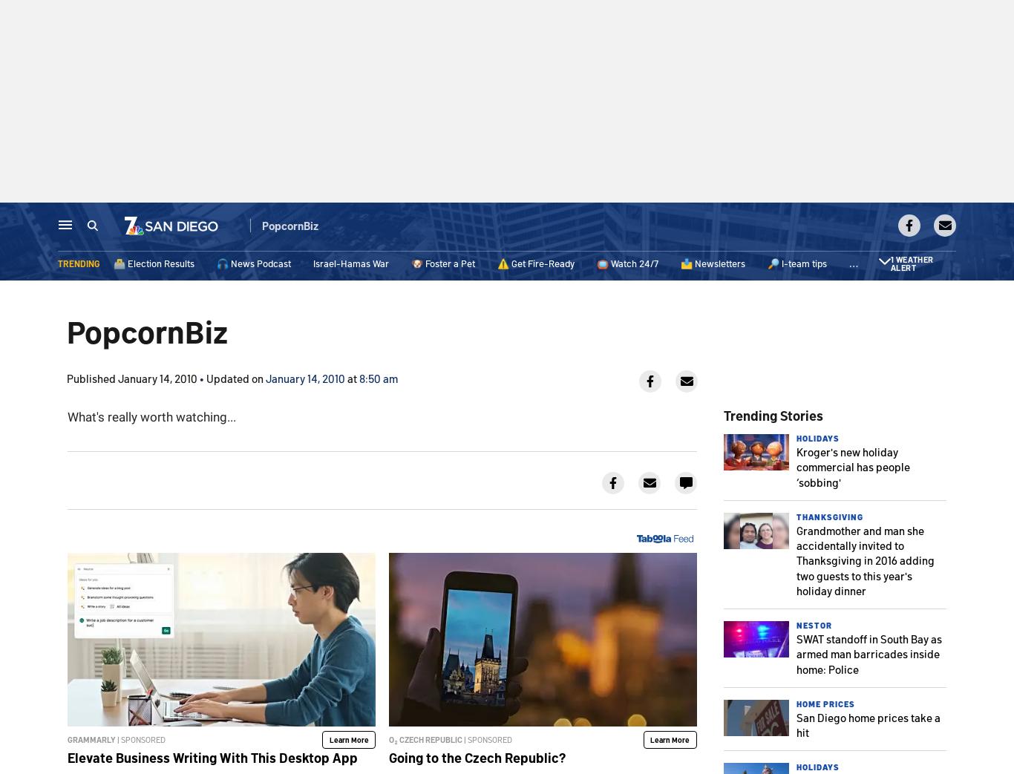  I want to click on 'Israel-Hamas War', so click(351, 264).